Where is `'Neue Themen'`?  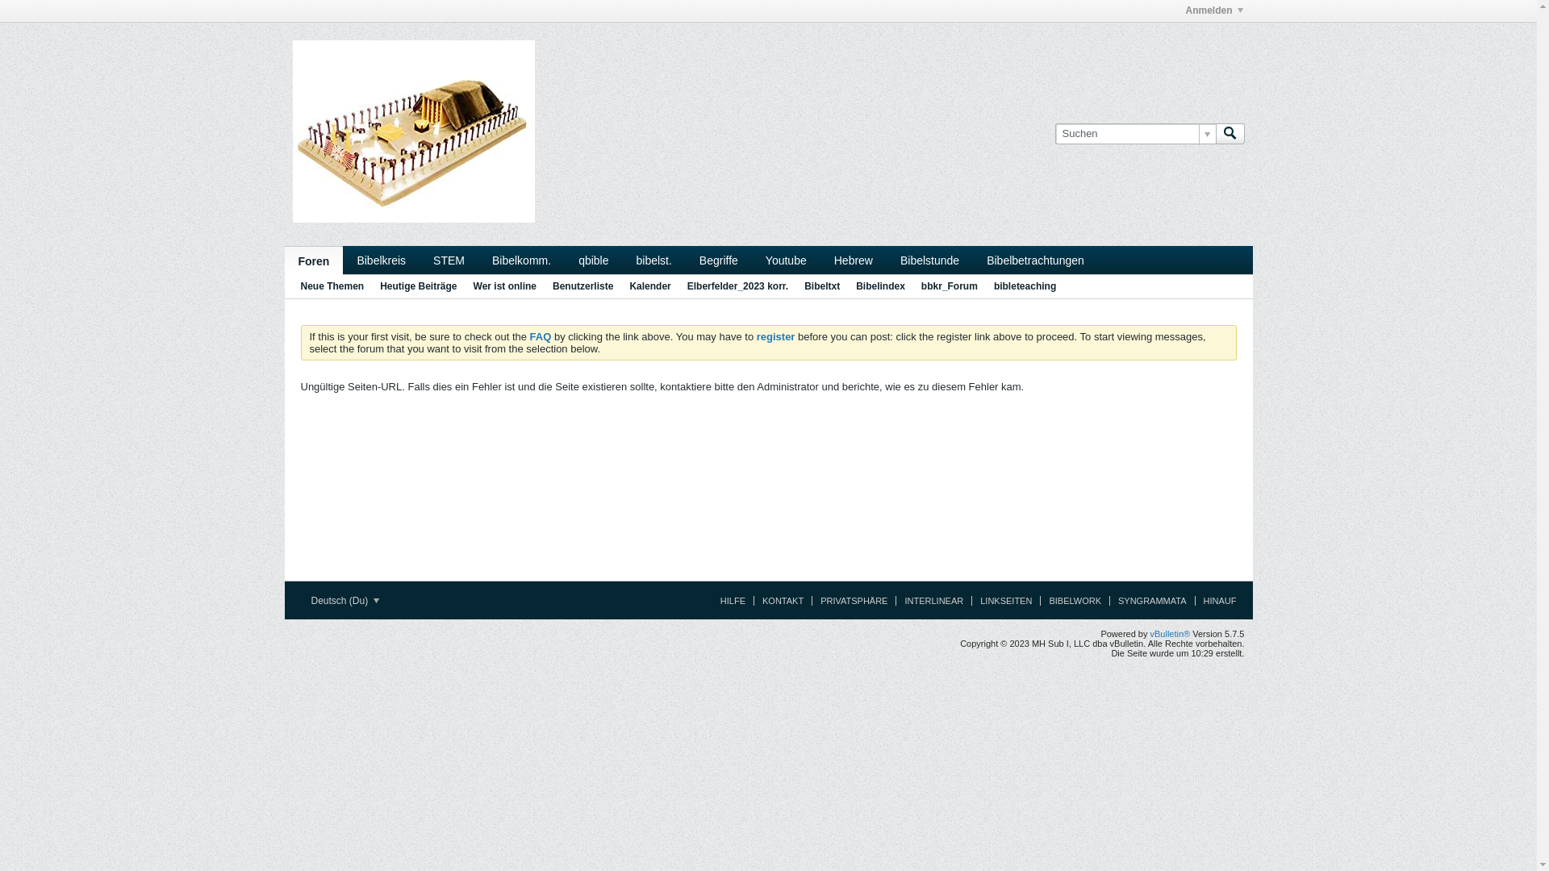 'Neue Themen' is located at coordinates (331, 285).